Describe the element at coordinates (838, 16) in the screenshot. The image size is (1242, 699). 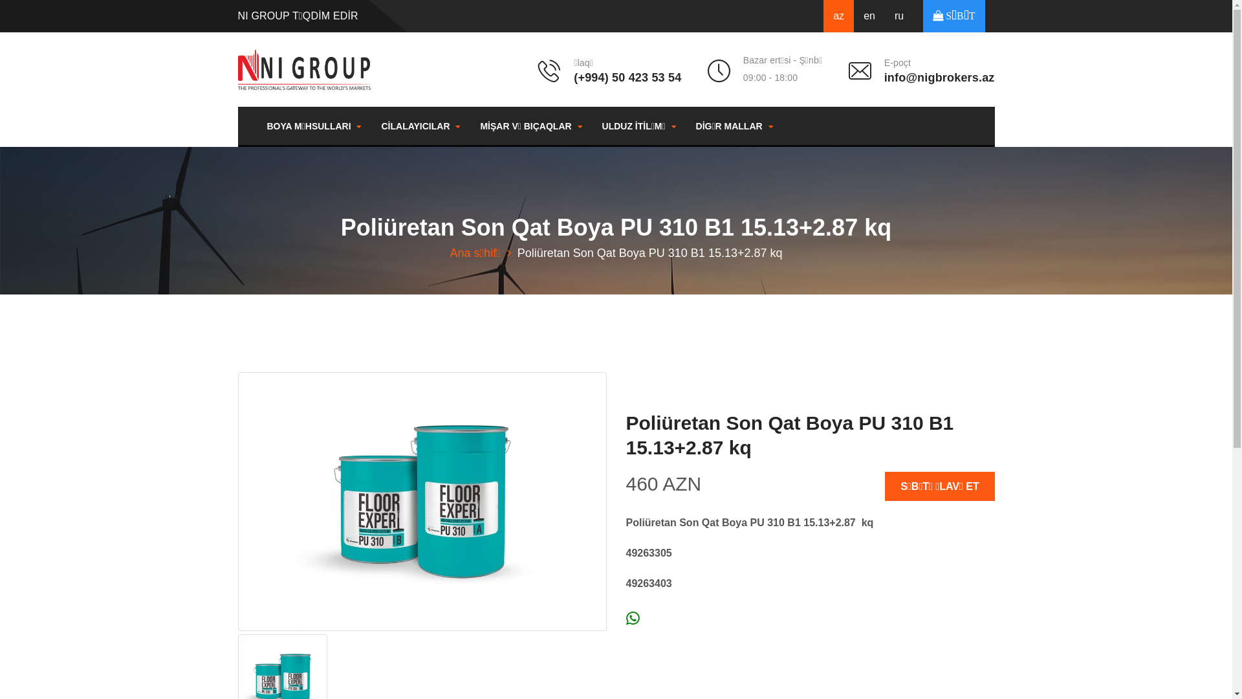
I see `'az'` at that location.